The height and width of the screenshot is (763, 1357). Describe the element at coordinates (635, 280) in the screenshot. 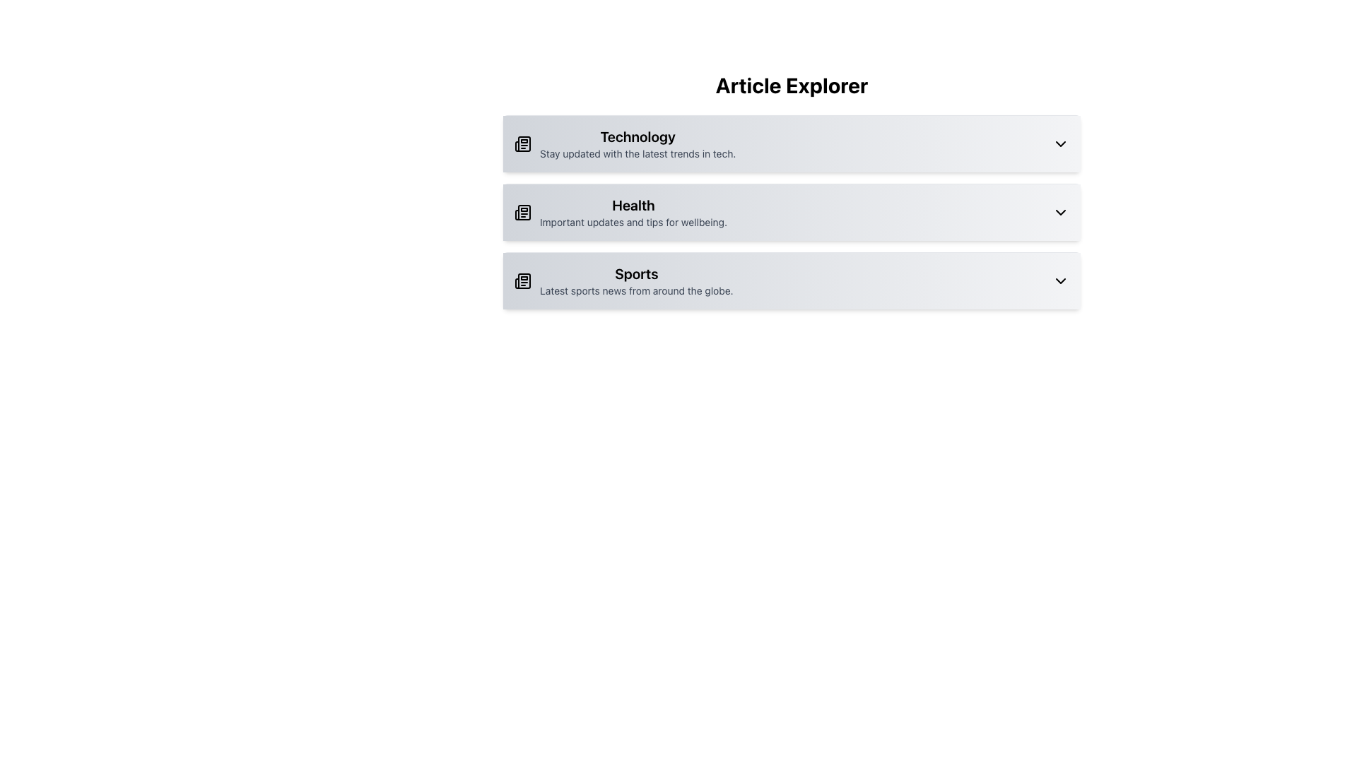

I see `the 'Sports' category entry in the Article Explorer section` at that location.